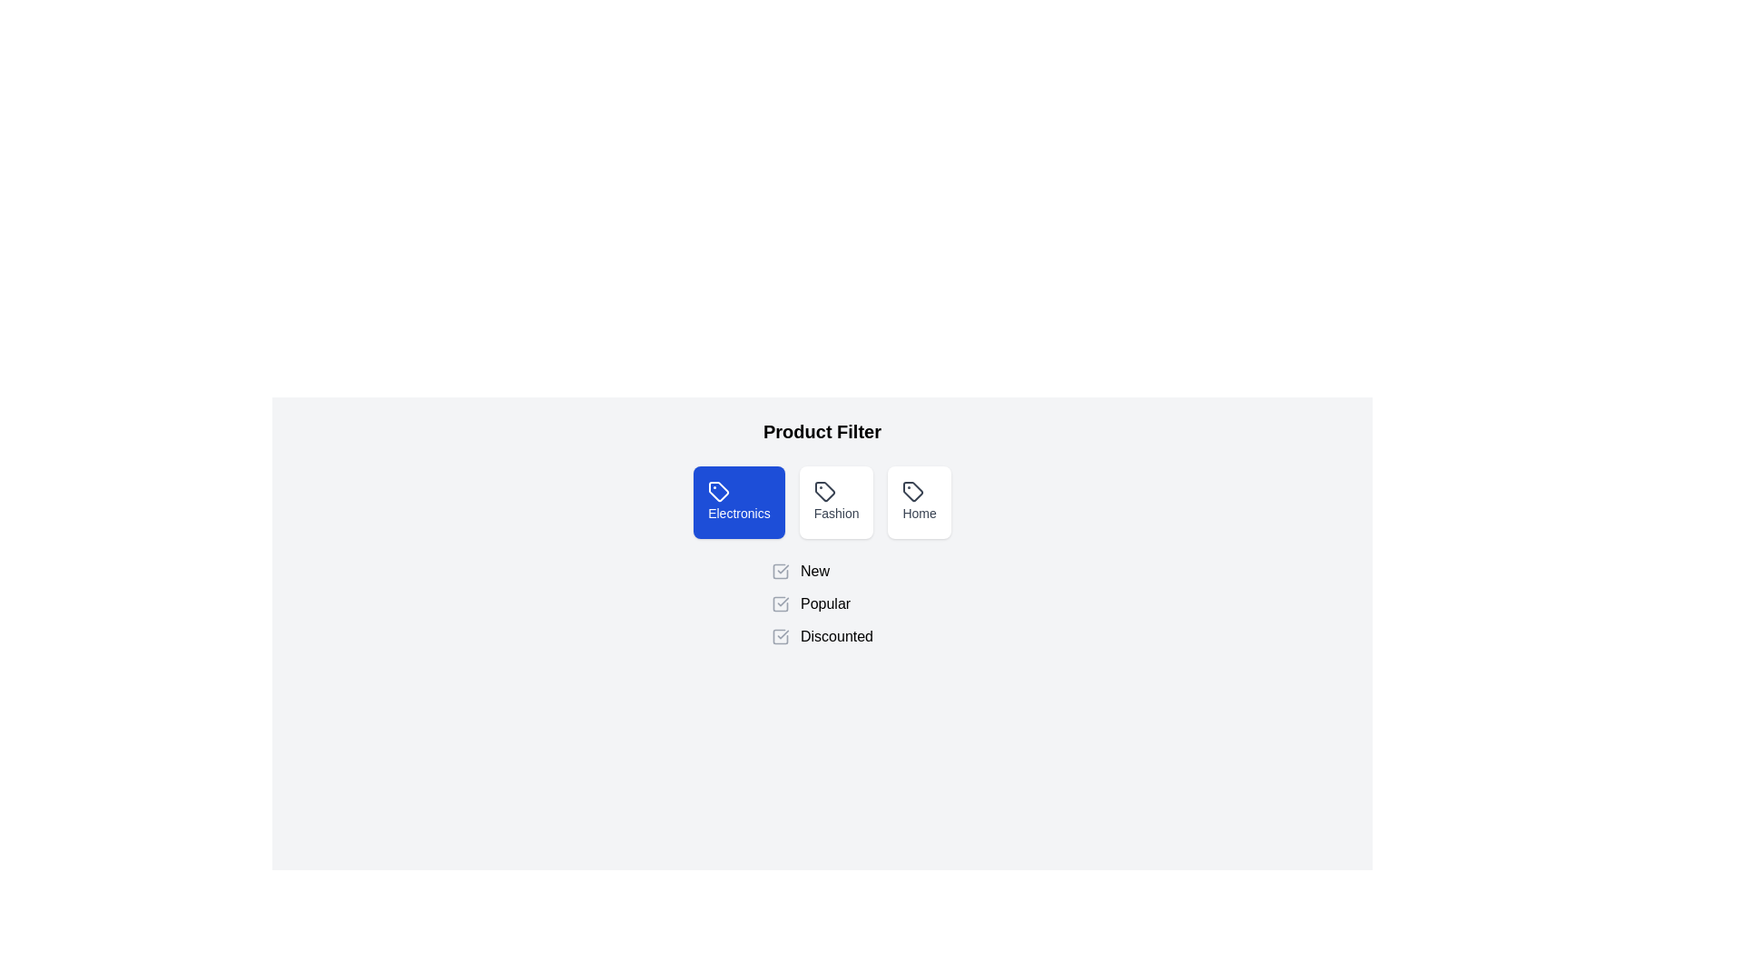 The width and height of the screenshot is (1743, 980). What do you see at coordinates (919, 503) in the screenshot?
I see `the product type Home by clicking on its respective button` at bounding box center [919, 503].